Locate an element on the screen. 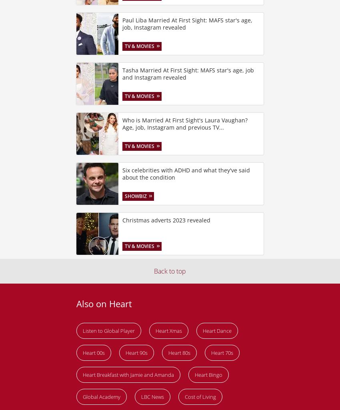 This screenshot has width=340, height=410. 'Heart Bingo' is located at coordinates (194, 374).